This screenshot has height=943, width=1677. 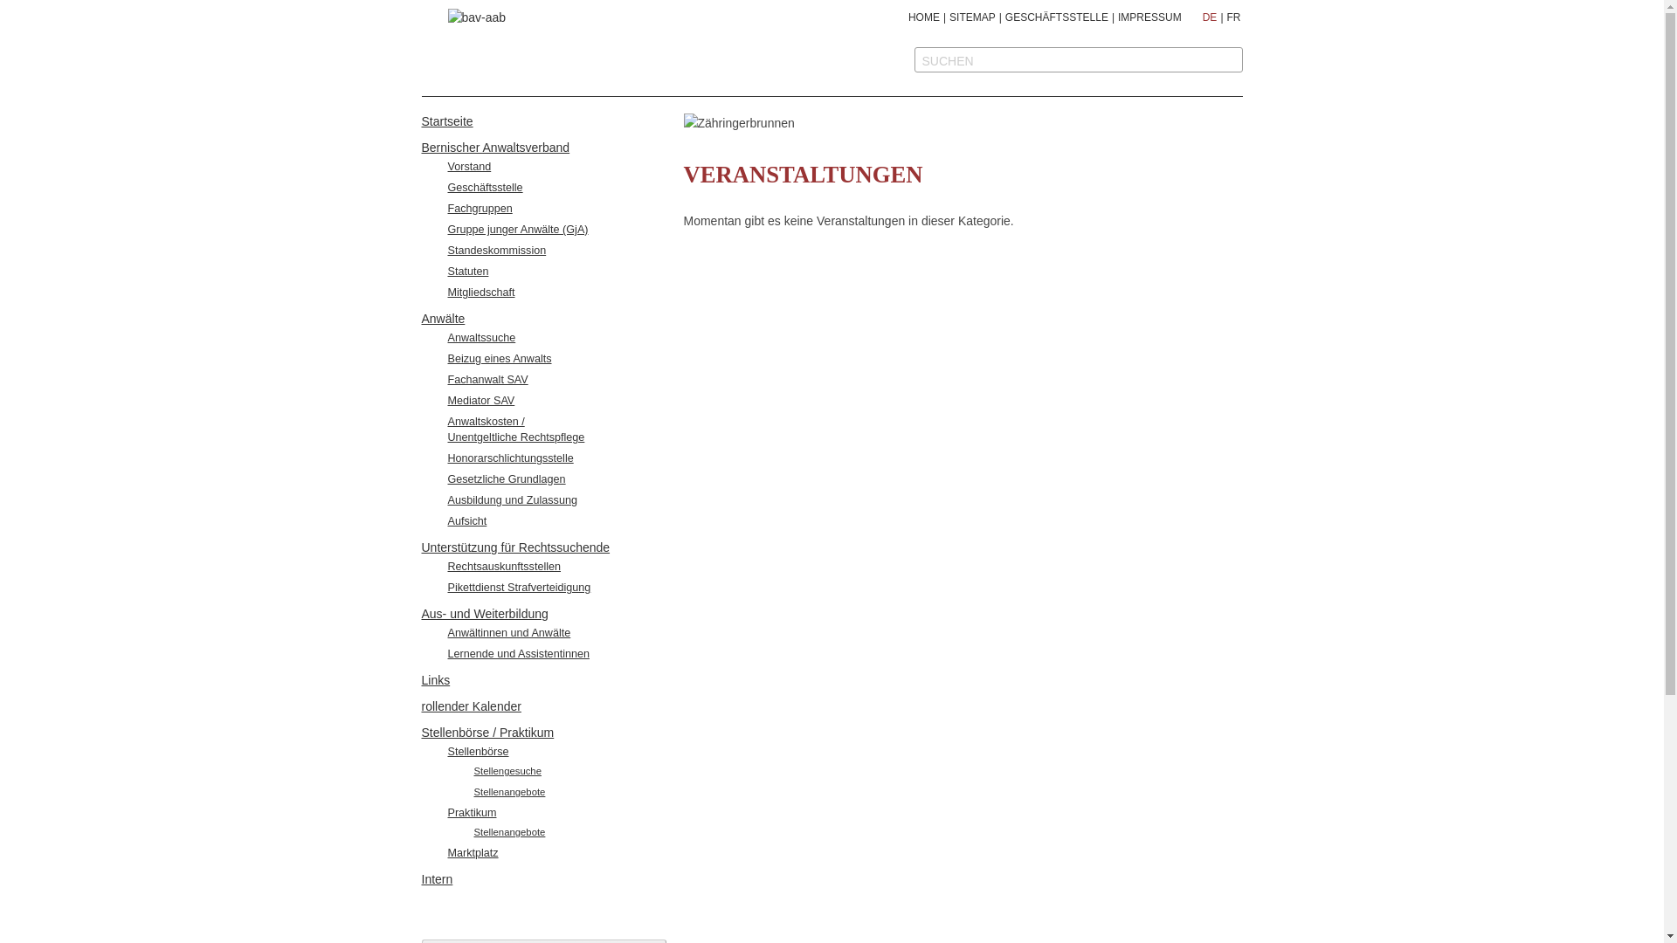 I want to click on 'FR', so click(x=1225, y=17).